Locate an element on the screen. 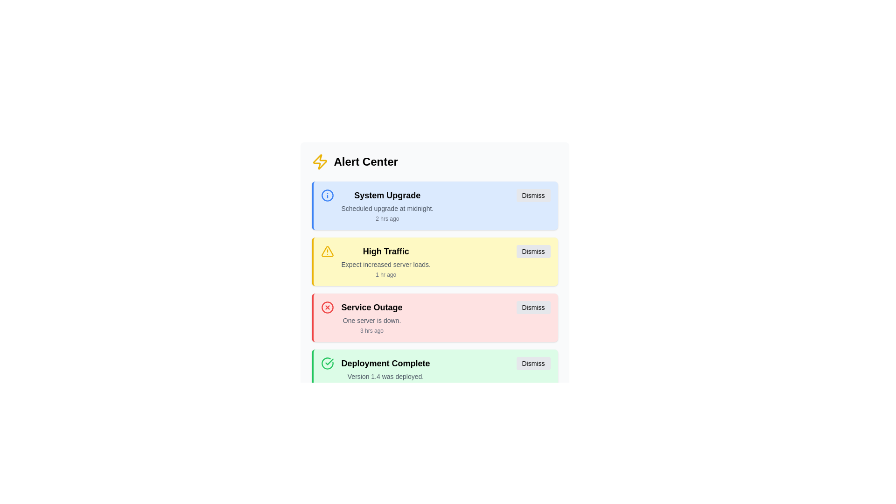  the dismiss button located in the 'High Traffic' alert section by is located at coordinates (533, 251).